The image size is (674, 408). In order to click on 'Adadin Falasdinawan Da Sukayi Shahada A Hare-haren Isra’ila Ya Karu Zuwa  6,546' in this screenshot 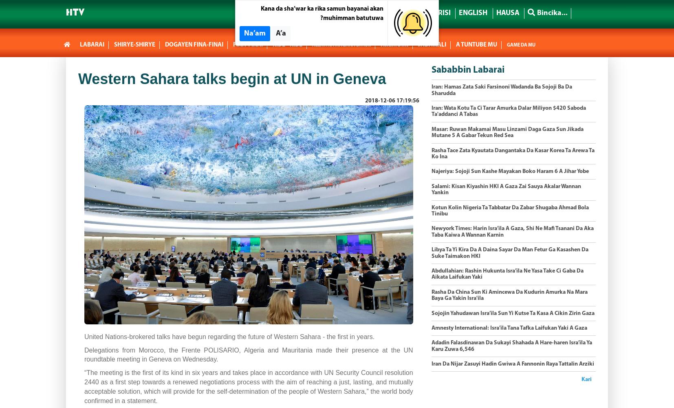, I will do `click(511, 346)`.